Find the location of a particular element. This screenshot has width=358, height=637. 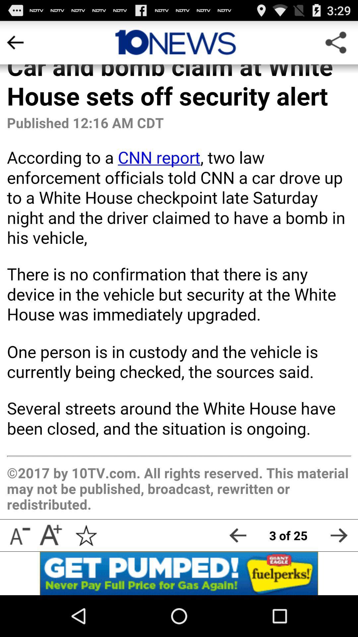

body is located at coordinates (179, 270).